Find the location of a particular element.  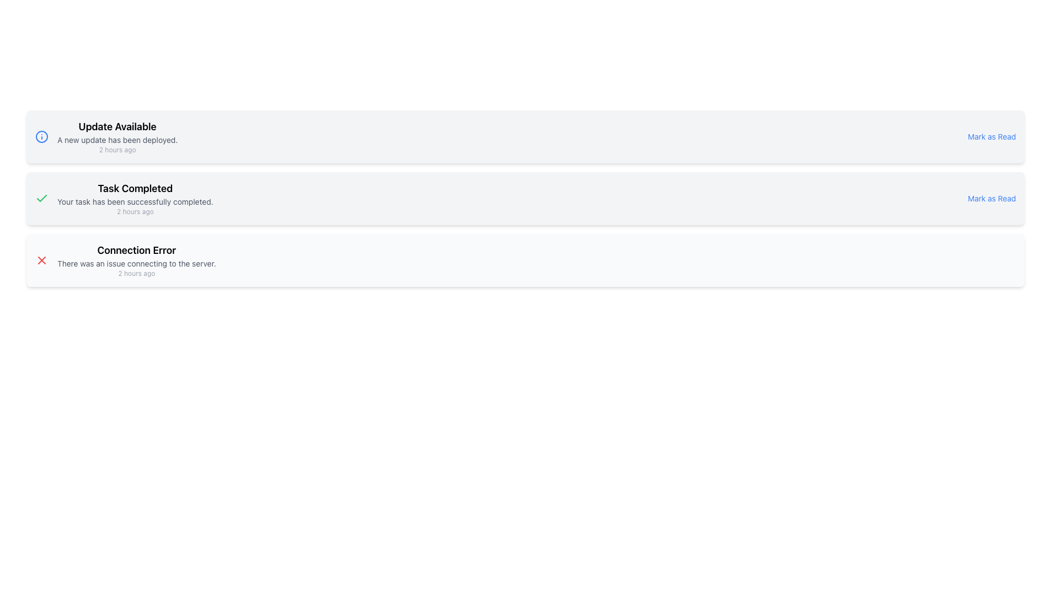

the notification element that informs the user their task has been successfully completed to copy or select the text is located at coordinates (124, 198).